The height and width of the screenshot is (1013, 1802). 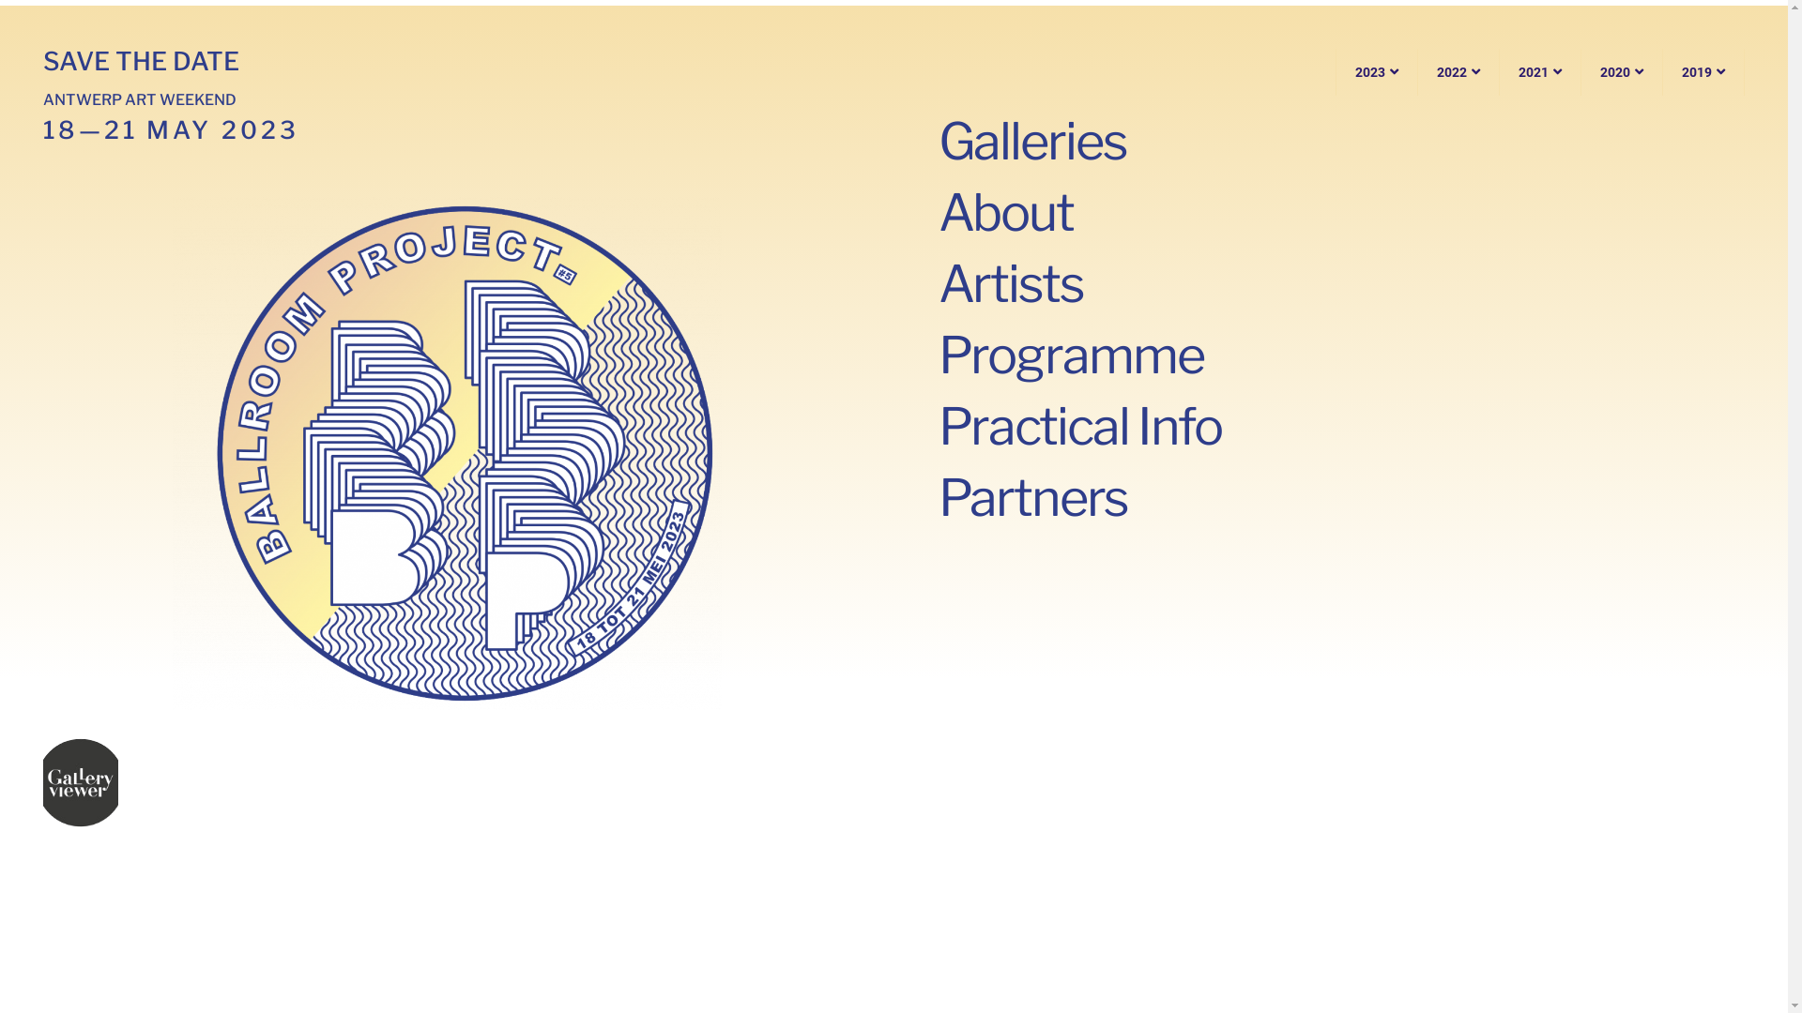 What do you see at coordinates (1031, 497) in the screenshot?
I see `'Partners'` at bounding box center [1031, 497].